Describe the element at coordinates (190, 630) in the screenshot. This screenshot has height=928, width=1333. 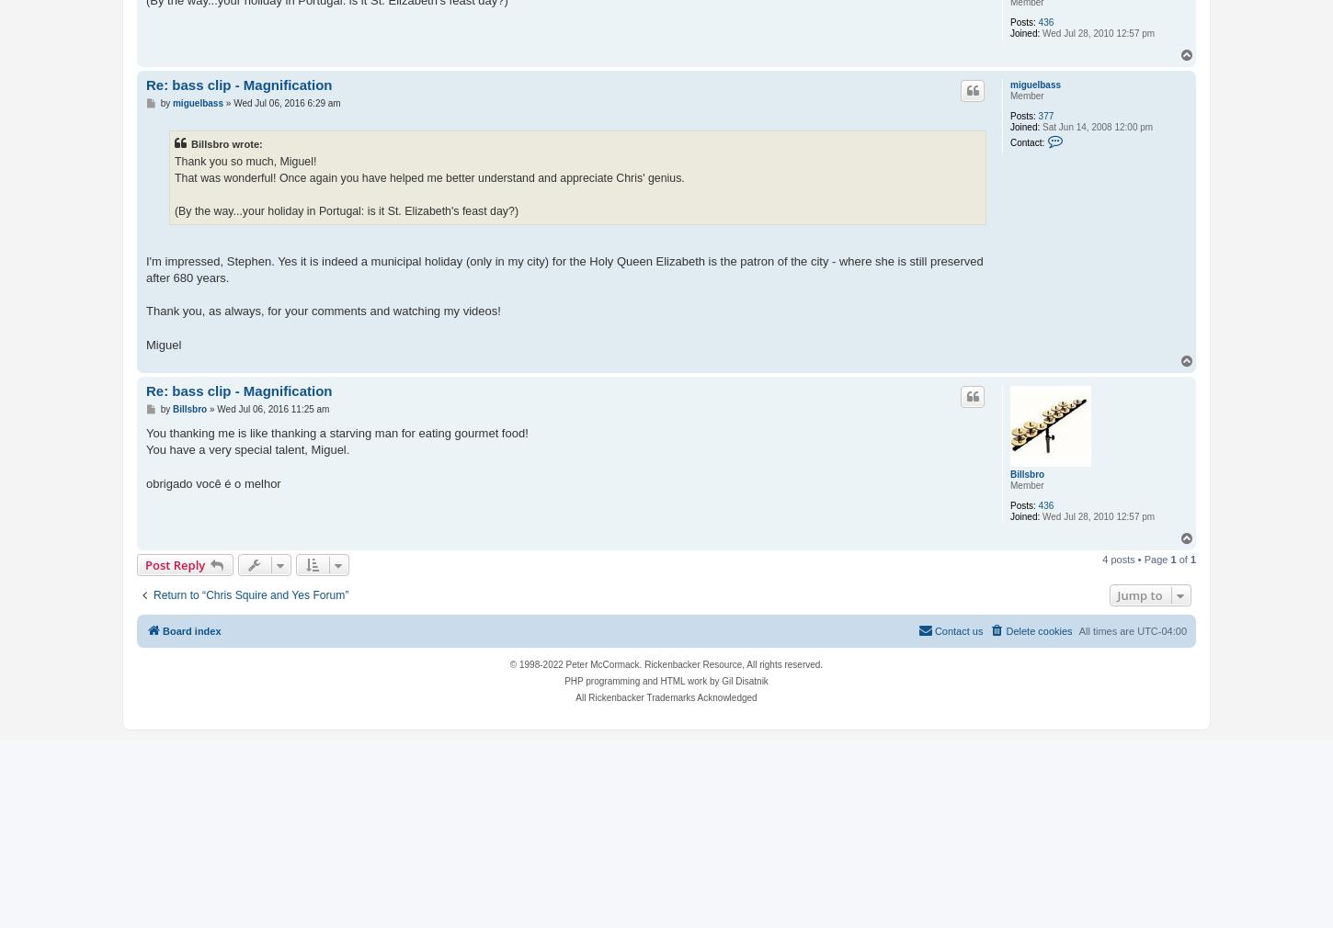
I see `'Board index'` at that location.